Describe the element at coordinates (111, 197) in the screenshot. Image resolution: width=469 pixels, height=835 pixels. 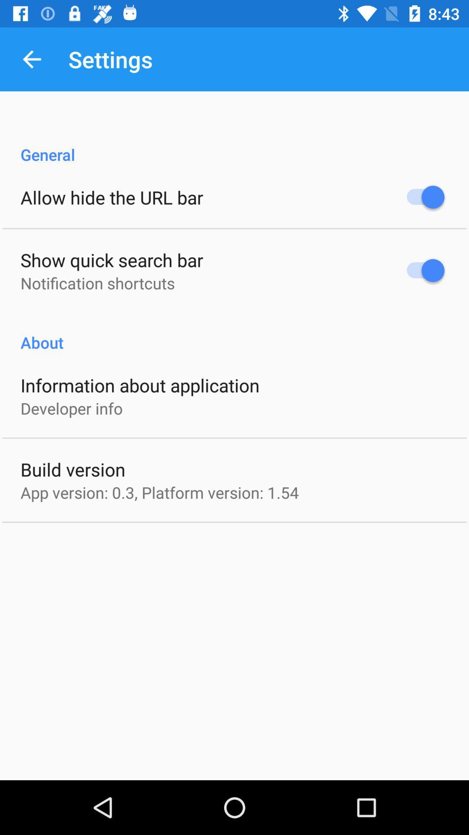
I see `the item below general item` at that location.